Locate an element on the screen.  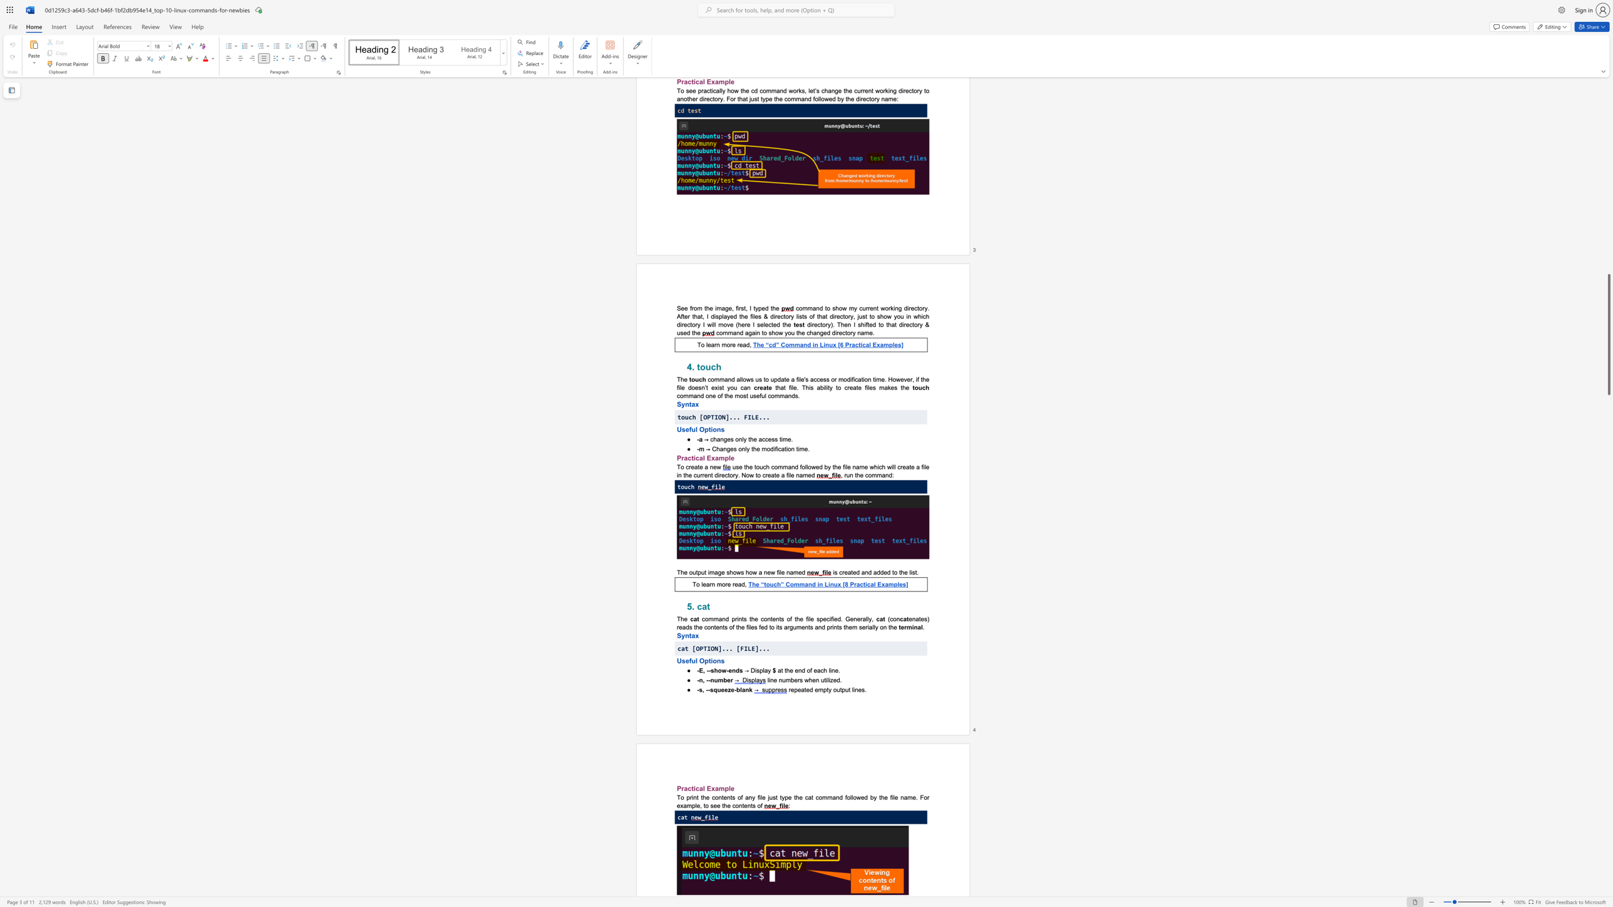
the 2th character "u" in the text is located at coordinates (847, 689).